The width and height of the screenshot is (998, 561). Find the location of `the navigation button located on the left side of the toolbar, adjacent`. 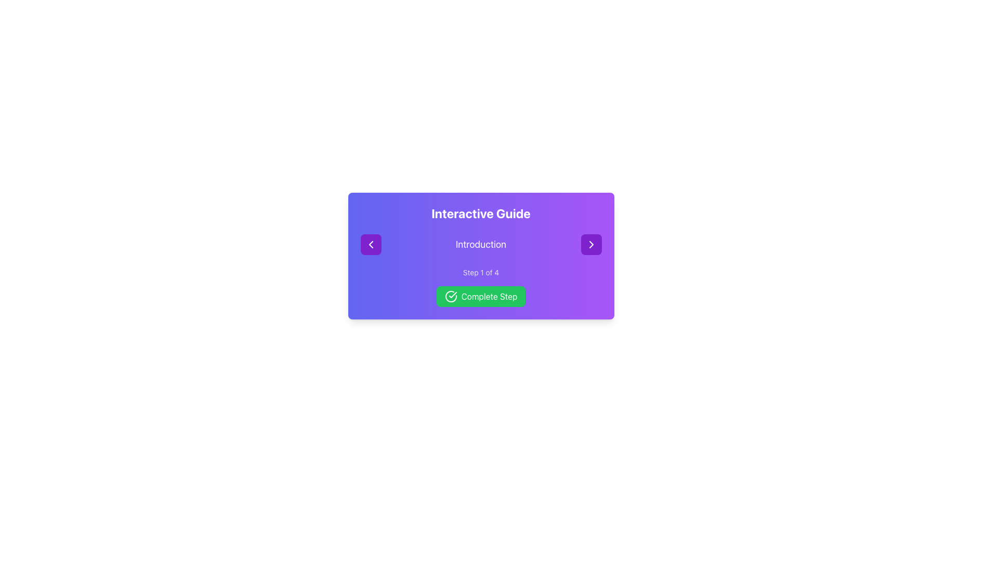

the navigation button located on the left side of the toolbar, adjacent is located at coordinates (371, 244).